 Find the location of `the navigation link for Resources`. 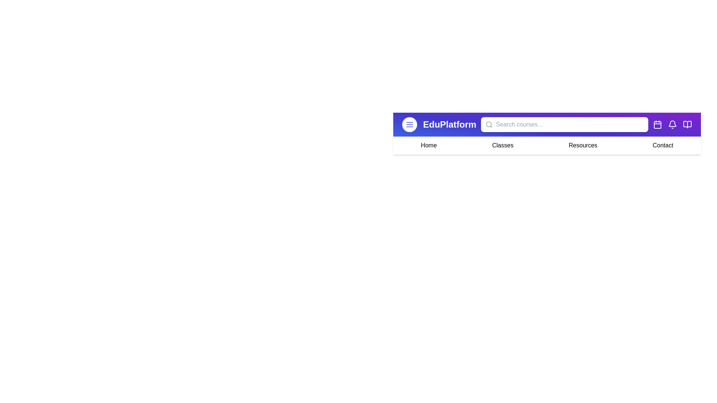

the navigation link for Resources is located at coordinates (582, 145).